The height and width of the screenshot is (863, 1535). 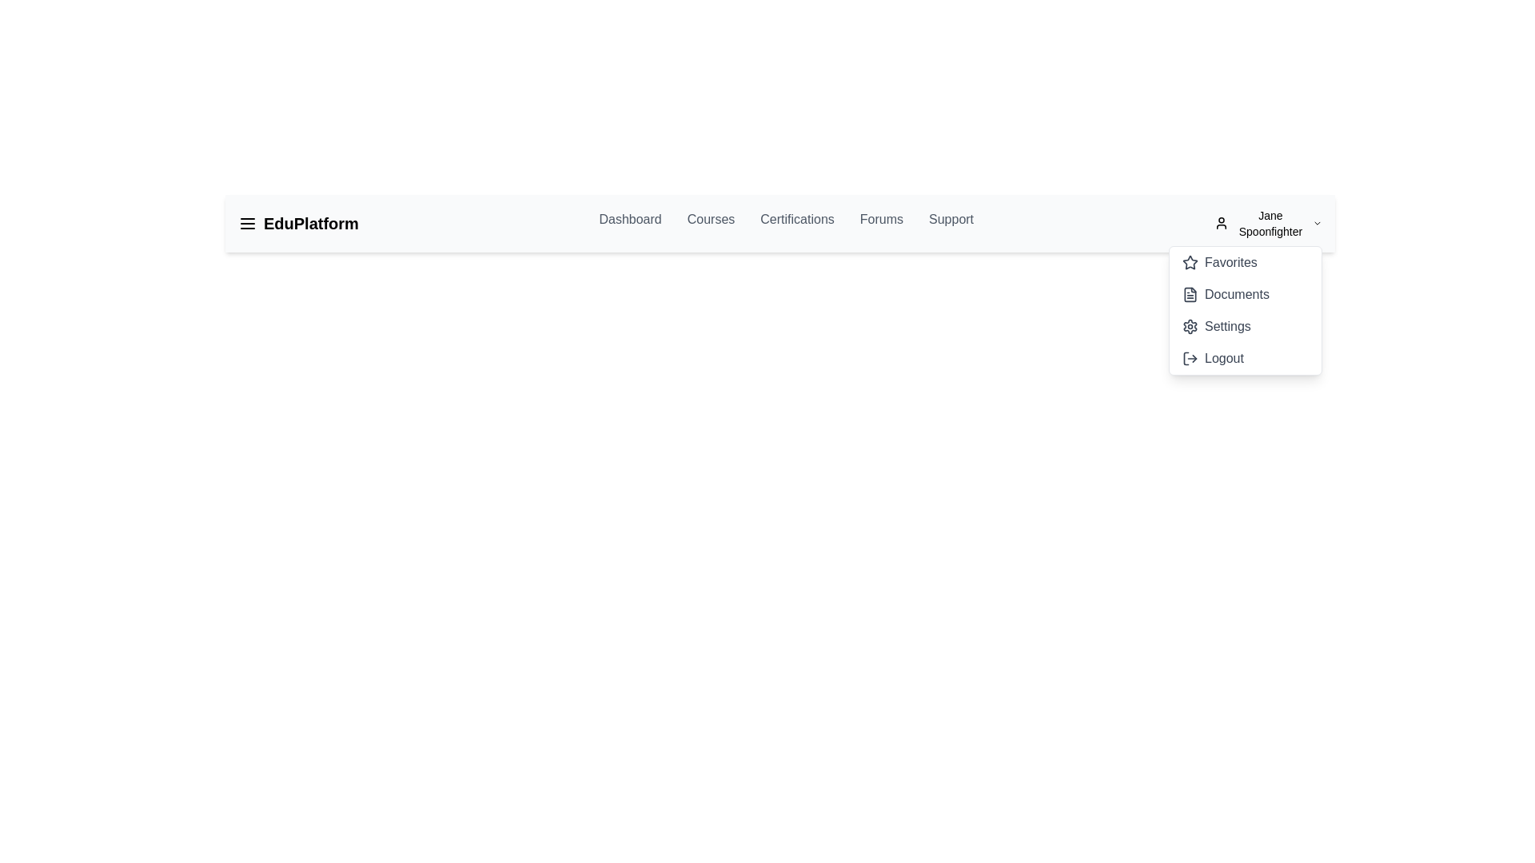 What do you see at coordinates (1190, 295) in the screenshot?
I see `properties of the document icon located to the left of the 'Documents' label in the dropdown menu under the user profile section` at bounding box center [1190, 295].